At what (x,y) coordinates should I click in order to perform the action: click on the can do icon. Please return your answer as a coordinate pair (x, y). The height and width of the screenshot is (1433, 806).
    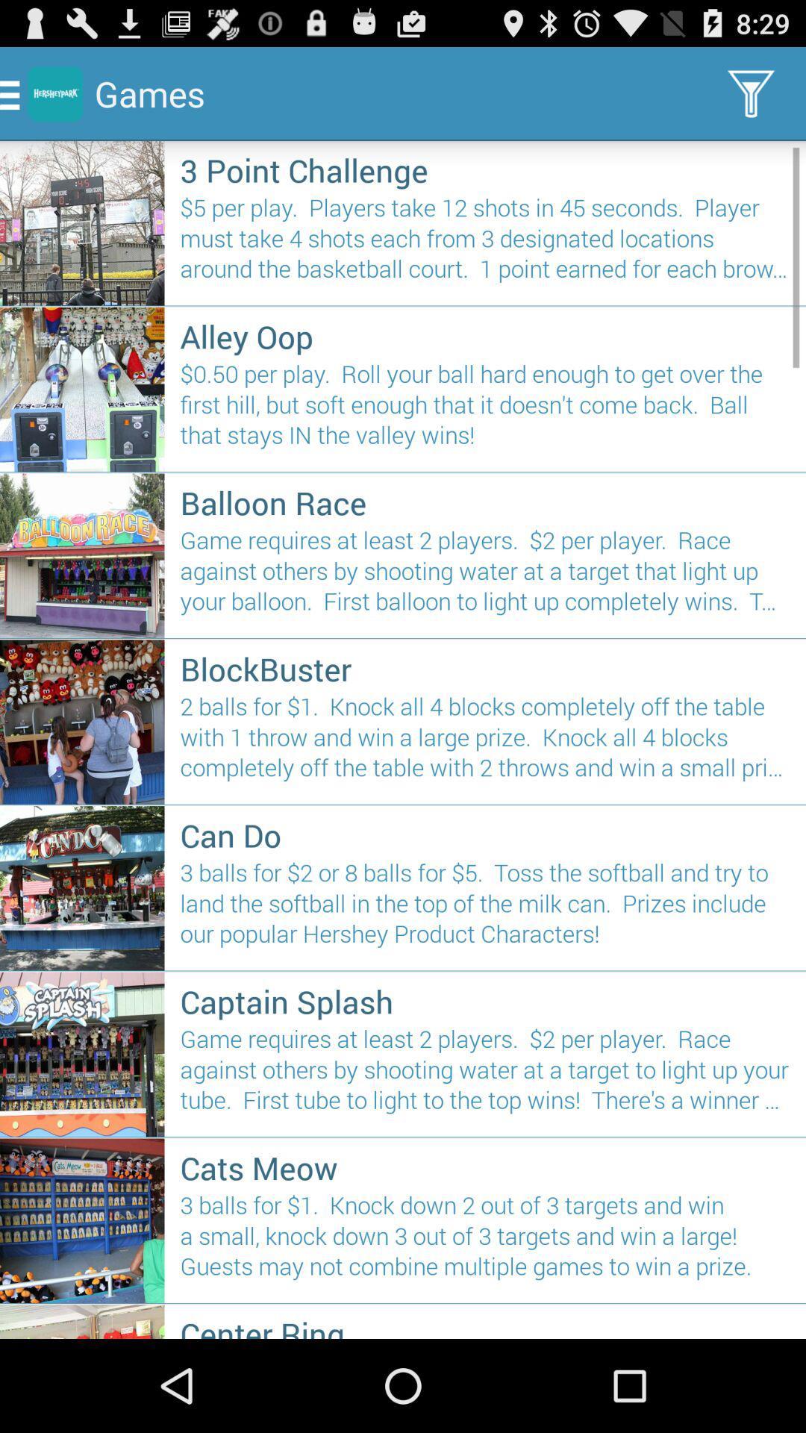
    Looking at the image, I should click on (485, 834).